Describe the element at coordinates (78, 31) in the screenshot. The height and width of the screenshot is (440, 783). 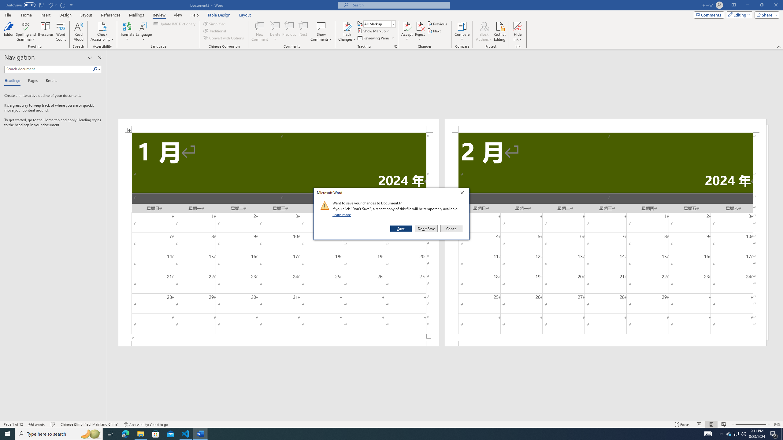
I see `'Read Aloud'` at that location.